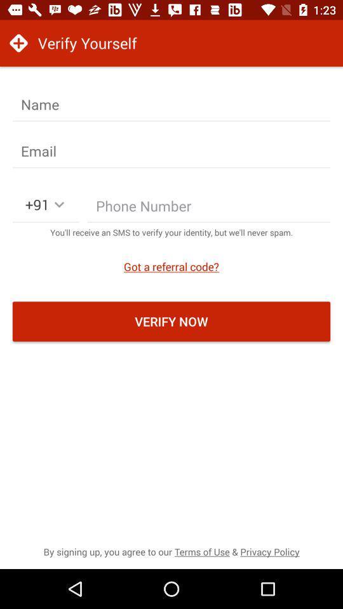  I want to click on phone number, so click(209, 209).